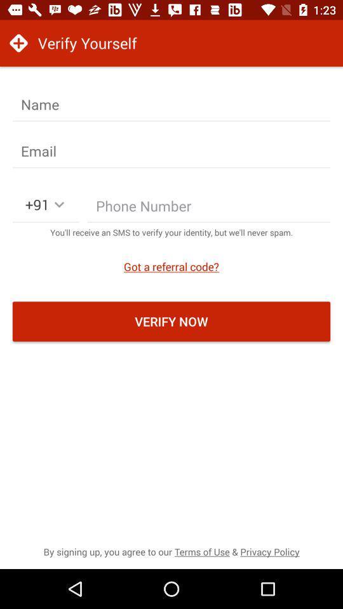  I want to click on phone number, so click(209, 209).